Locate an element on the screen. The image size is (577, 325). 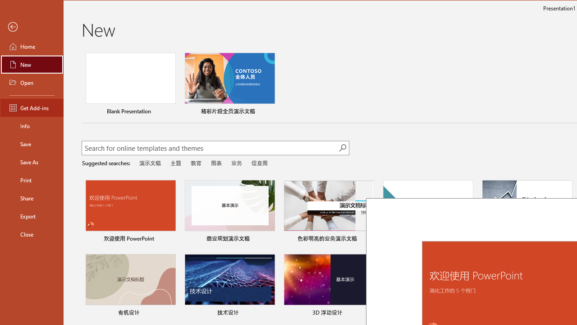
'Start searching' is located at coordinates (342, 147).